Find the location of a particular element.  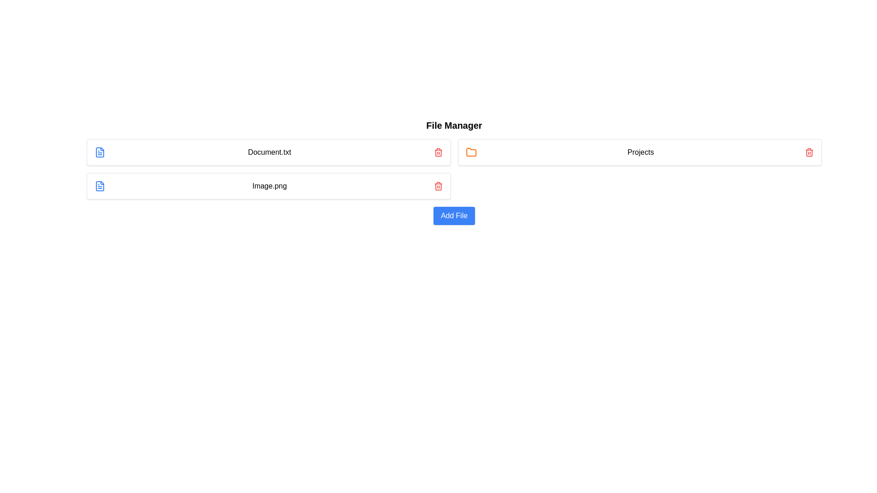

the file name 'Image.png' is located at coordinates (268, 186).